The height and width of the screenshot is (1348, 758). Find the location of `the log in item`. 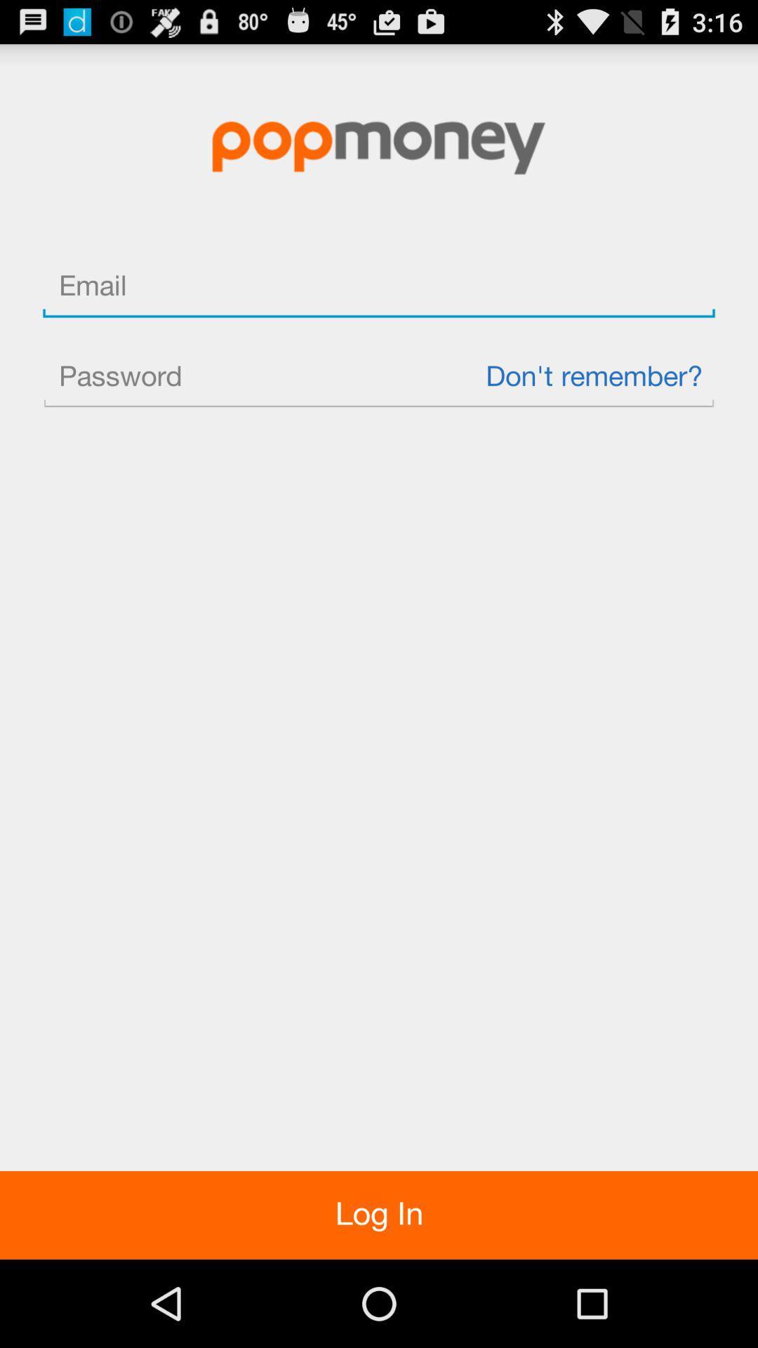

the log in item is located at coordinates (379, 1215).